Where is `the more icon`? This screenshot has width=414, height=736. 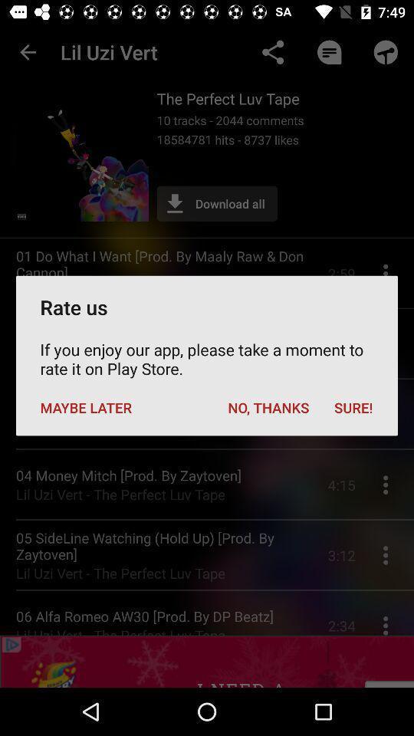
the more icon is located at coordinates (389, 605).